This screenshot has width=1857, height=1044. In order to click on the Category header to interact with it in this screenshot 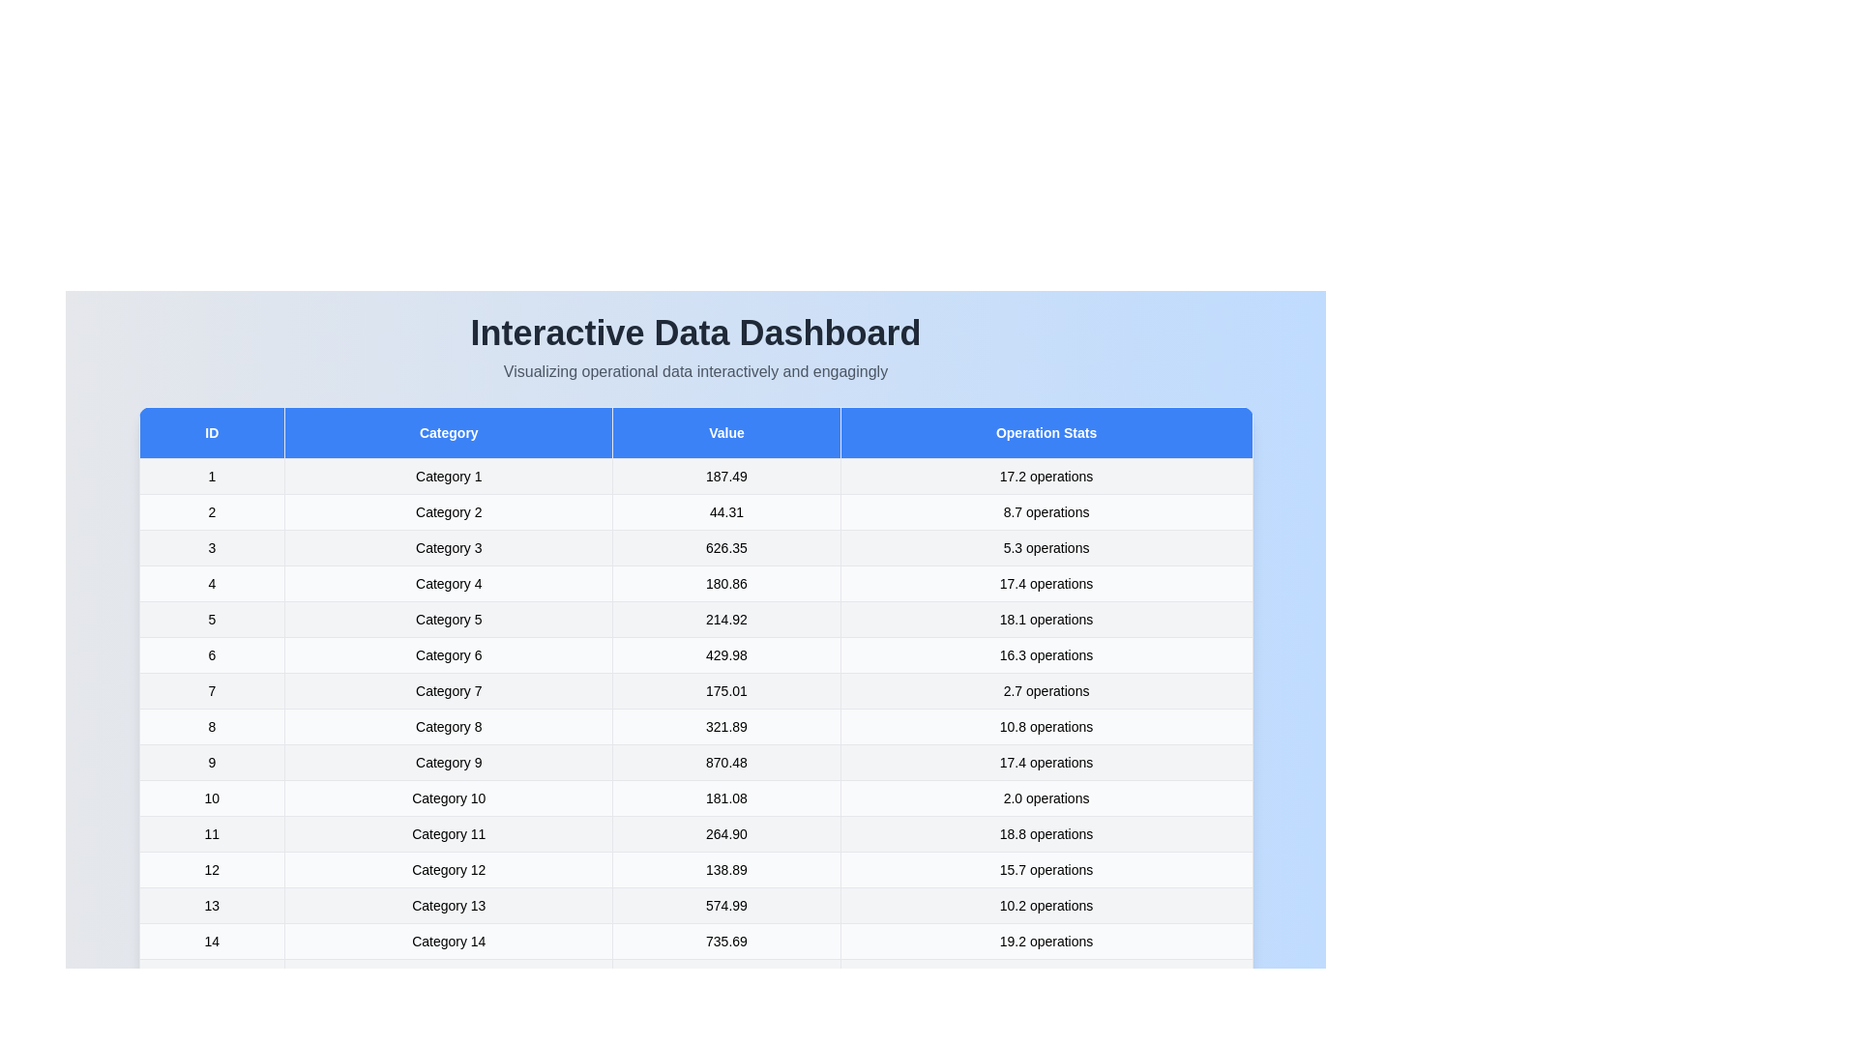, I will do `click(448, 431)`.